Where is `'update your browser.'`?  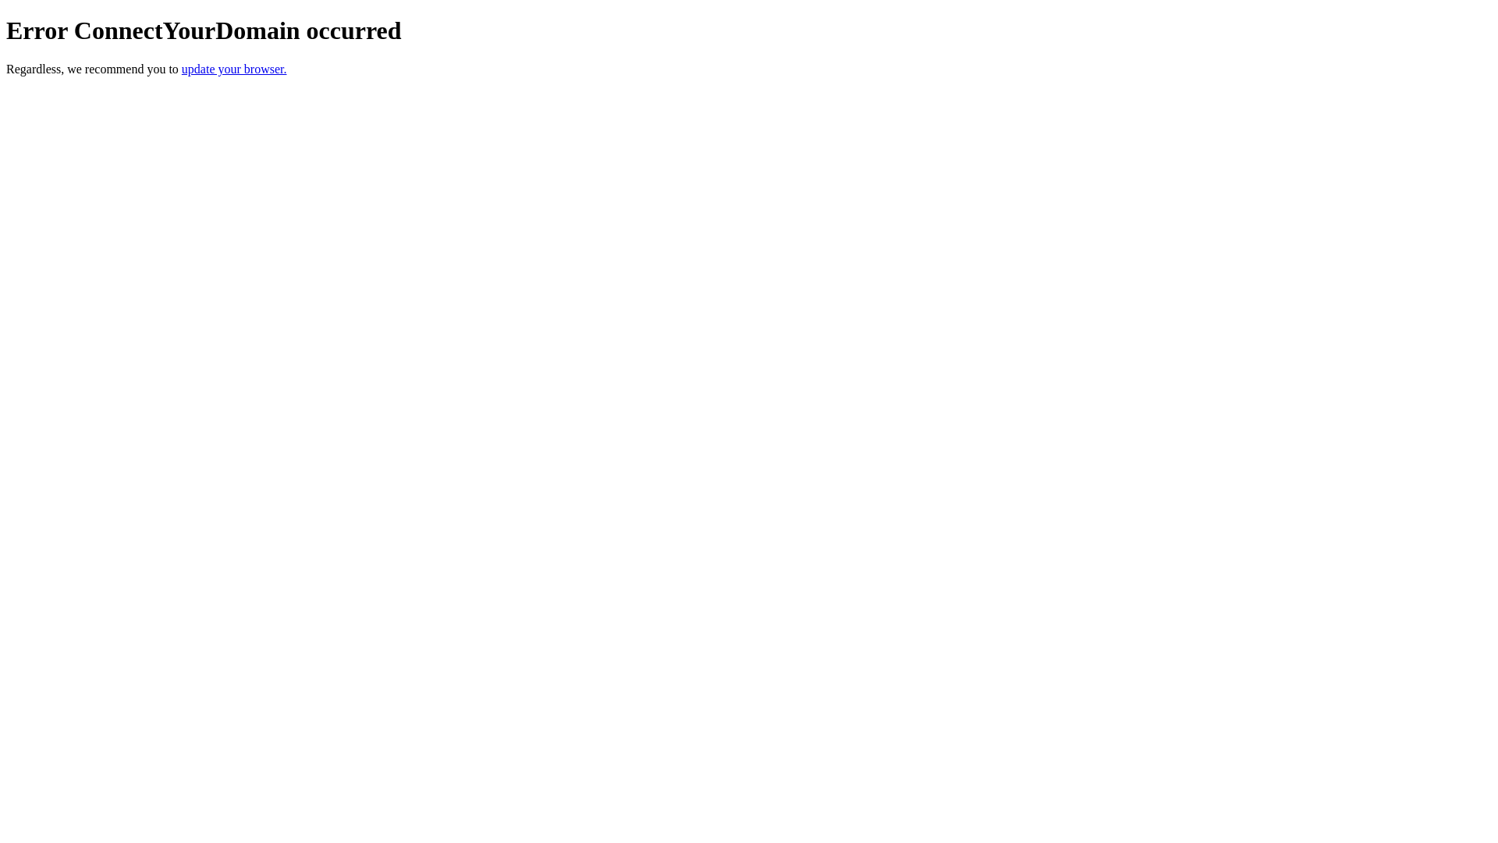
'update your browser.' is located at coordinates (182, 68).